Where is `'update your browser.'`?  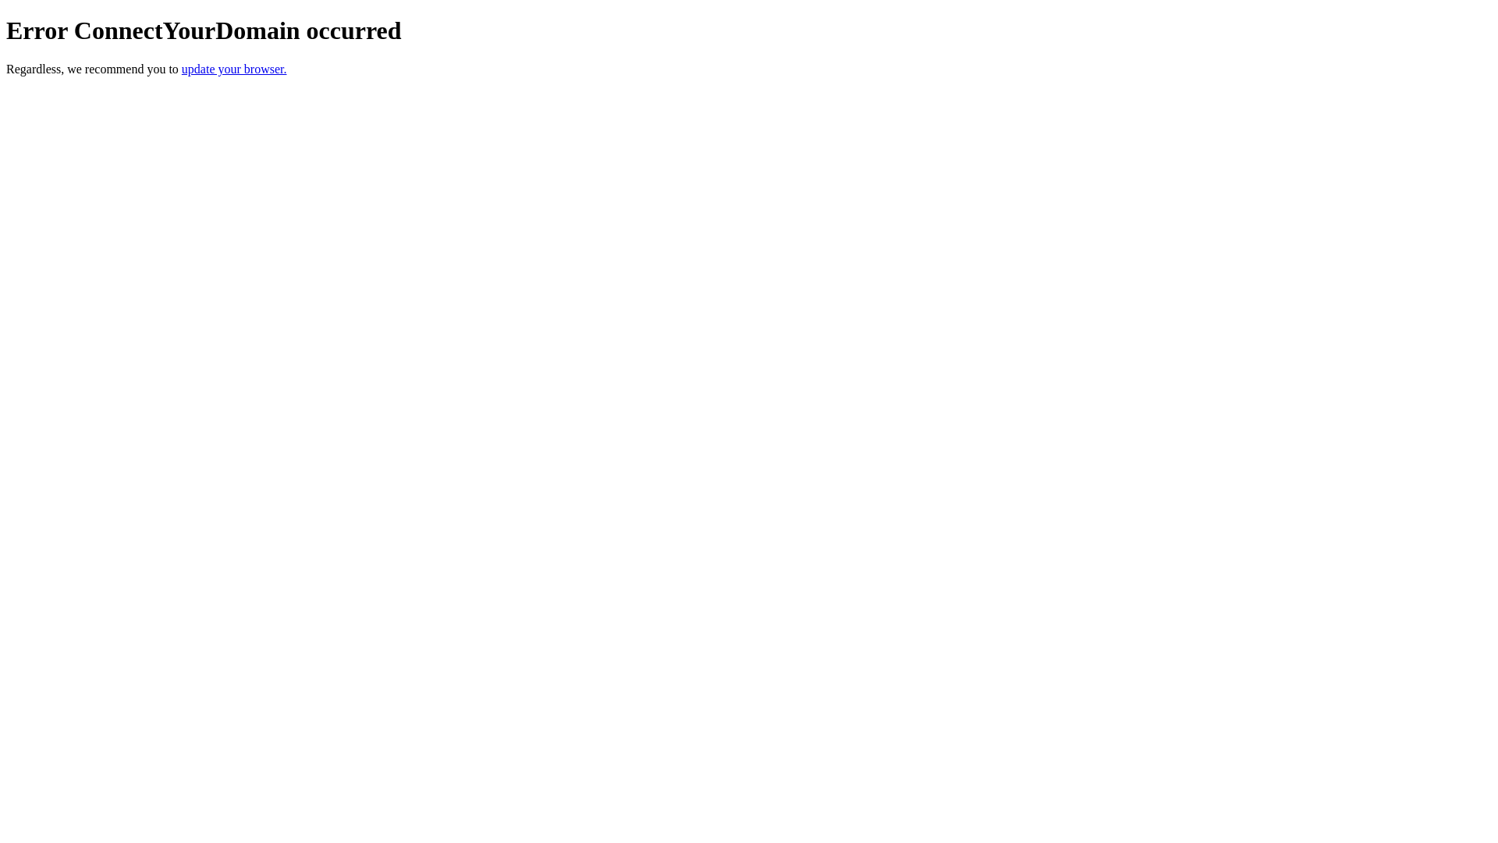
'update your browser.' is located at coordinates (182, 68).